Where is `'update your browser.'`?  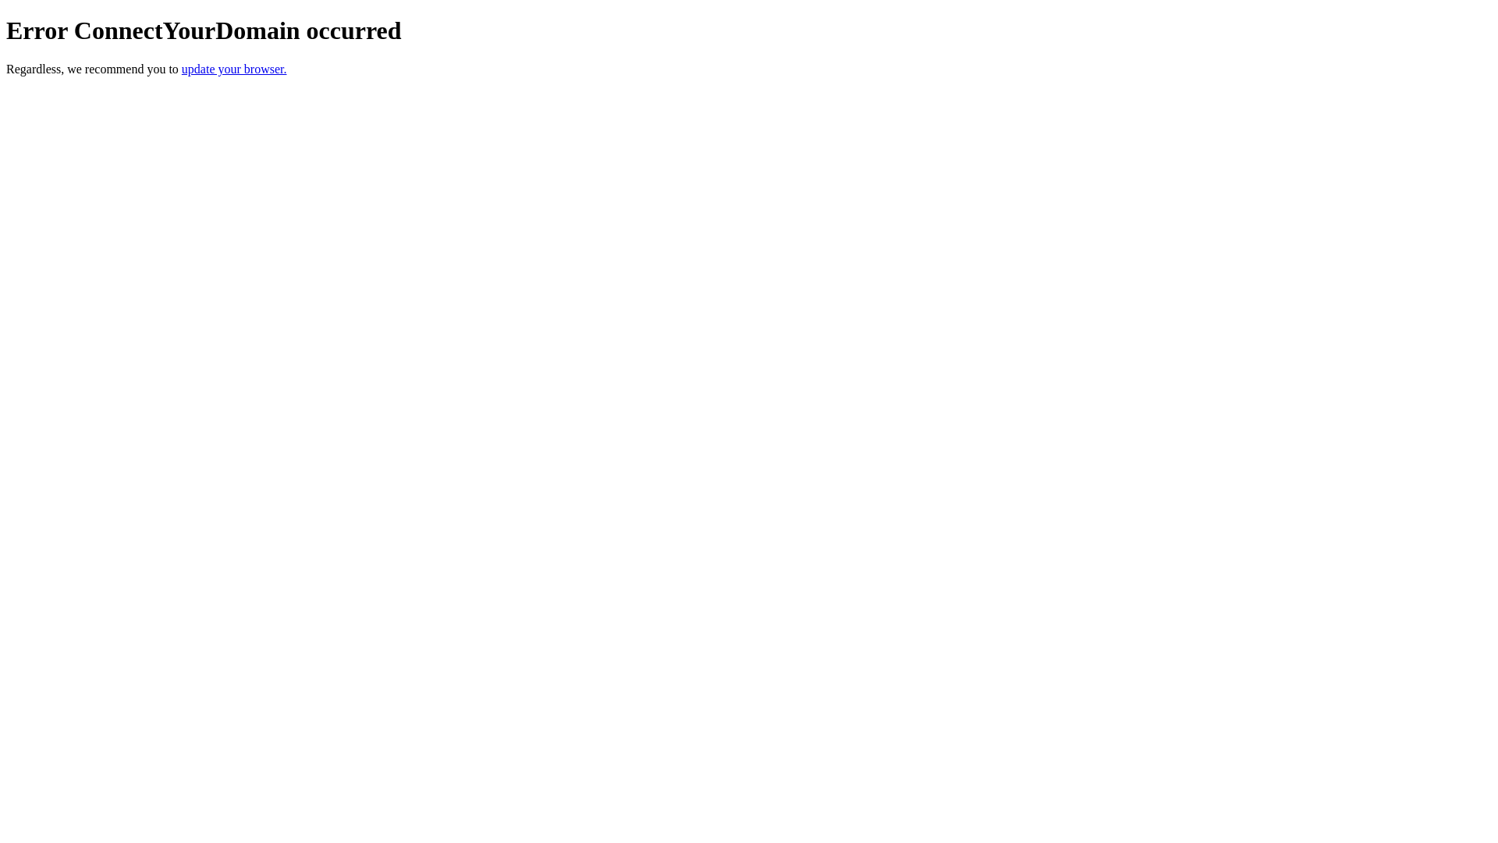
'update your browser.' is located at coordinates (182, 68).